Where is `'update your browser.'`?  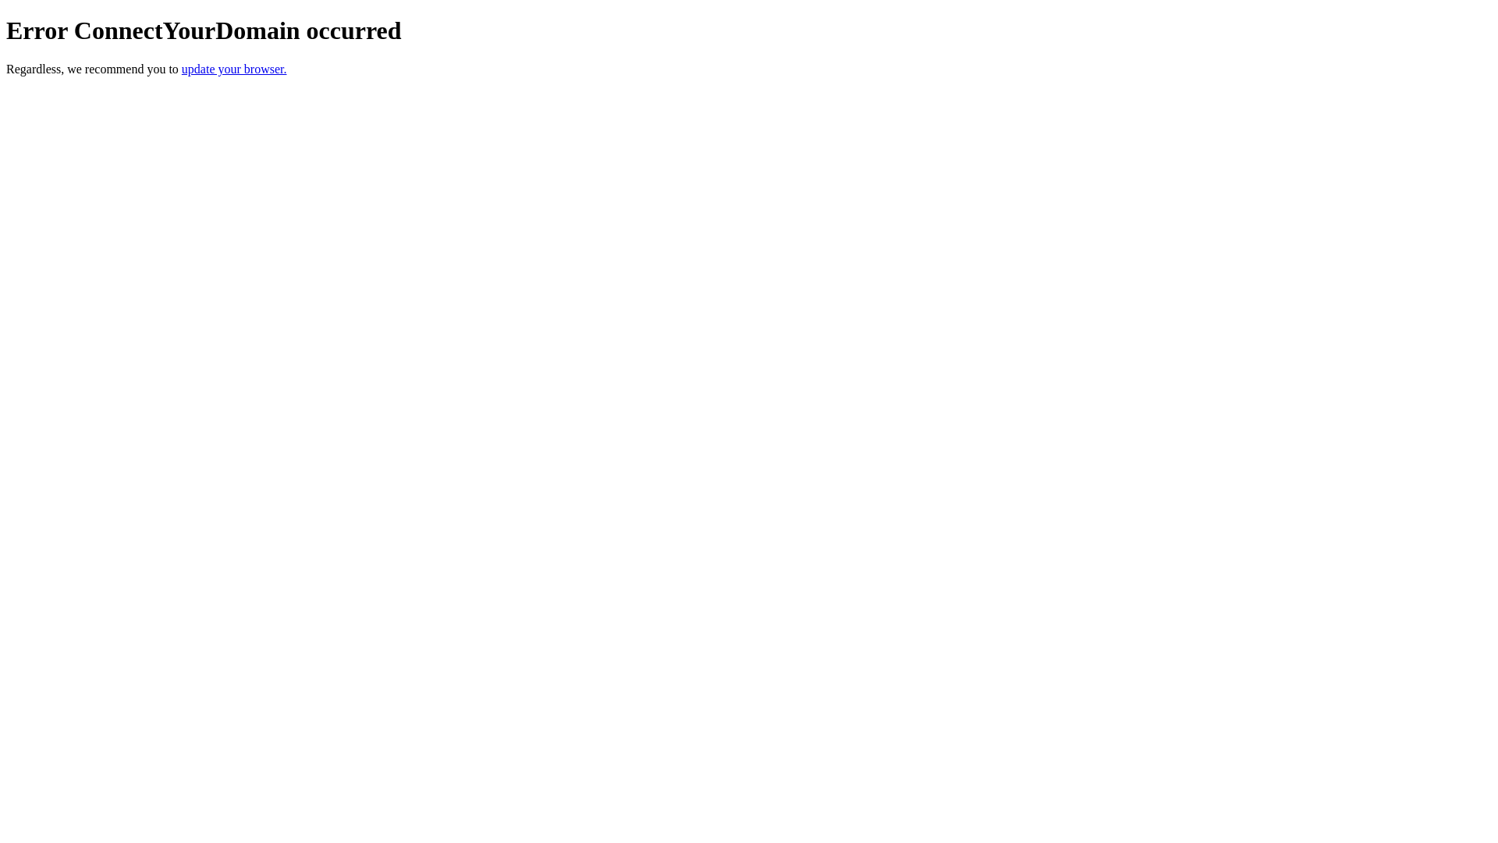
'update your browser.' is located at coordinates (182, 68).